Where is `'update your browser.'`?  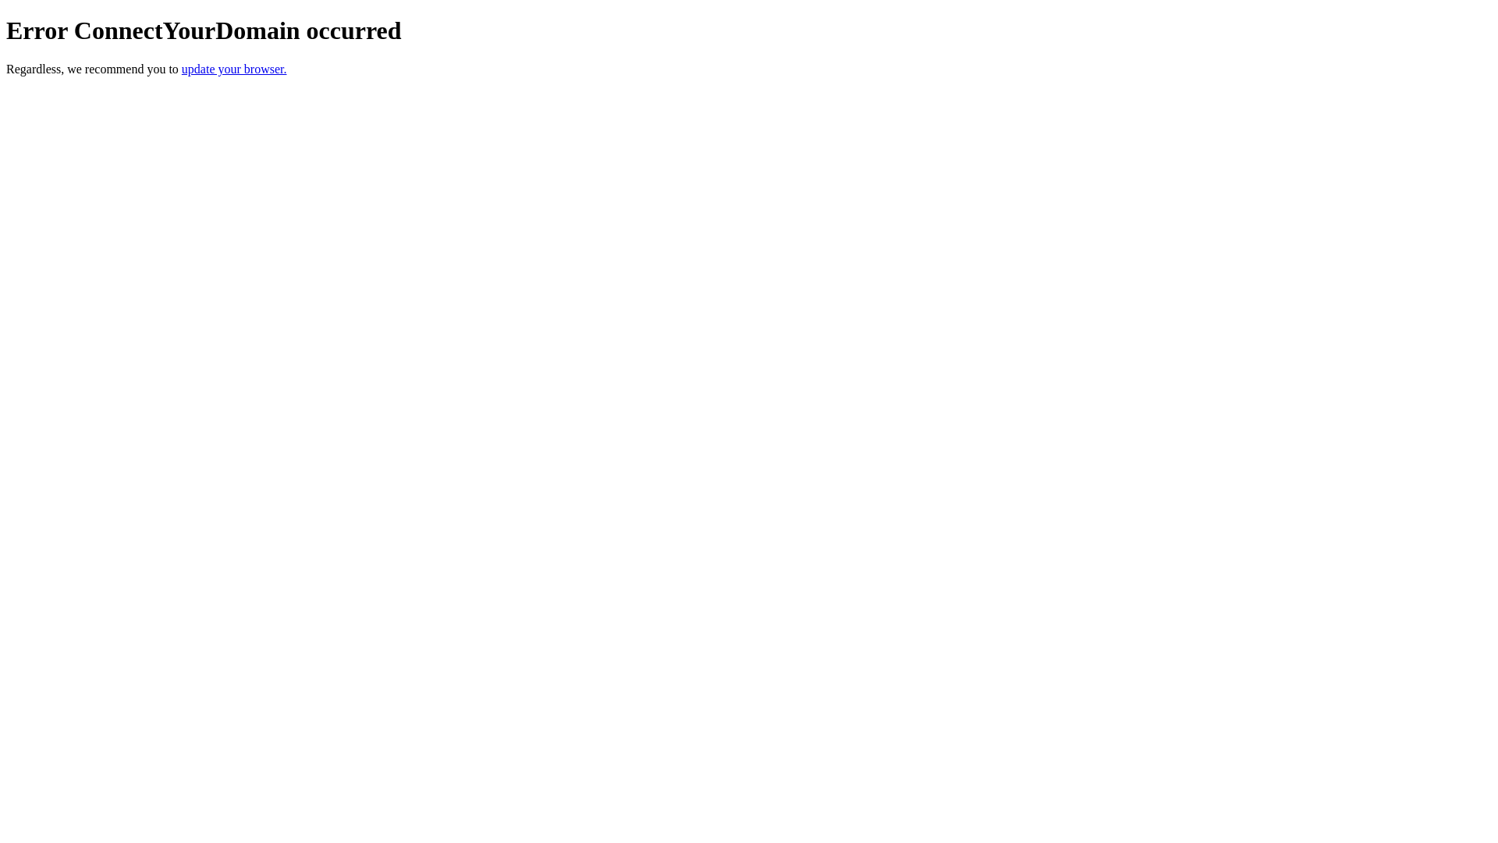
'update your browser.' is located at coordinates (182, 68).